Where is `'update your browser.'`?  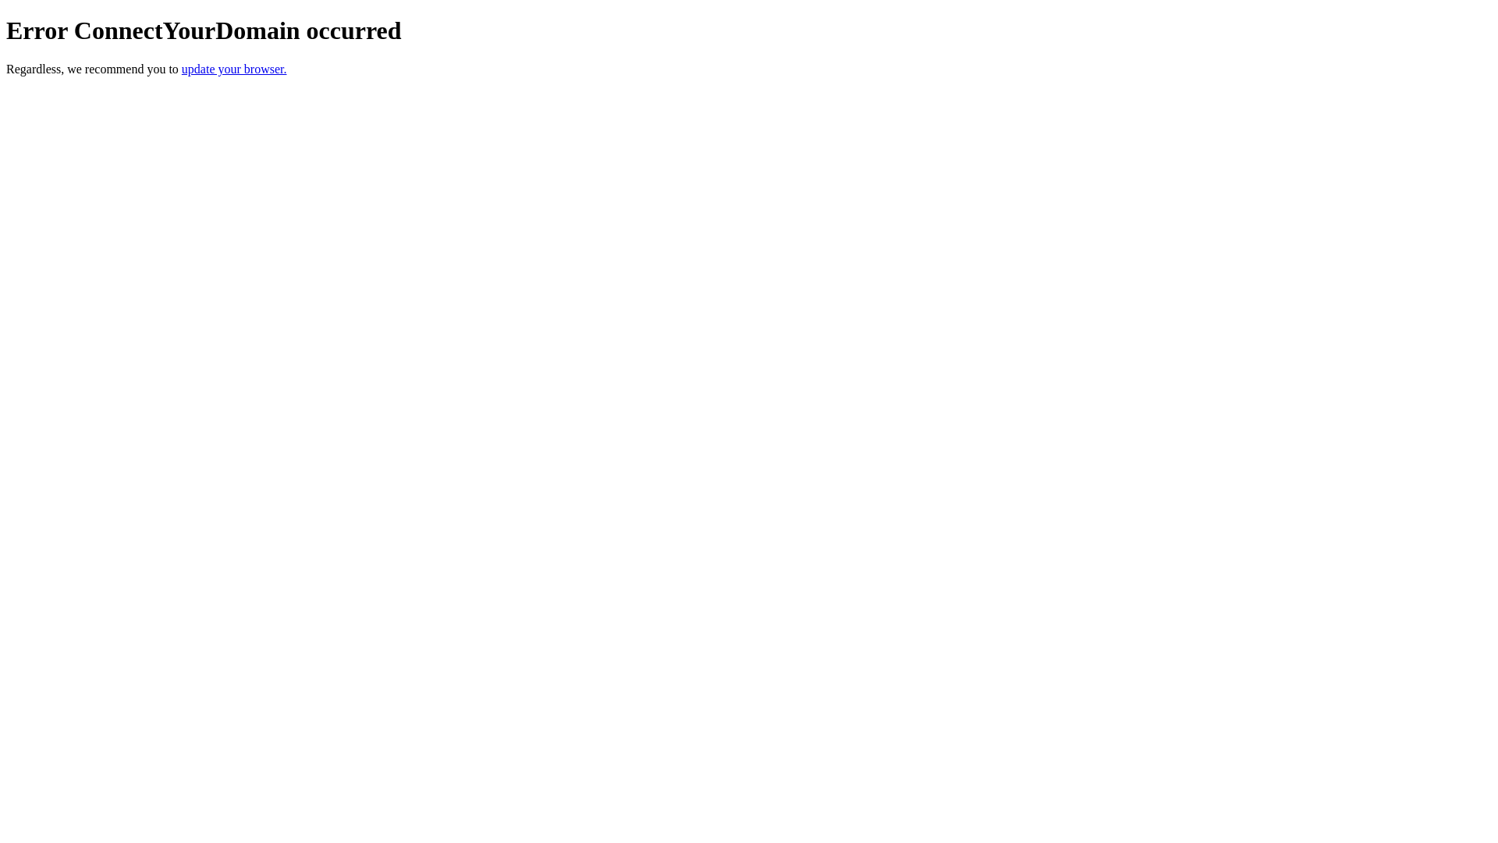
'update your browser.' is located at coordinates (182, 68).